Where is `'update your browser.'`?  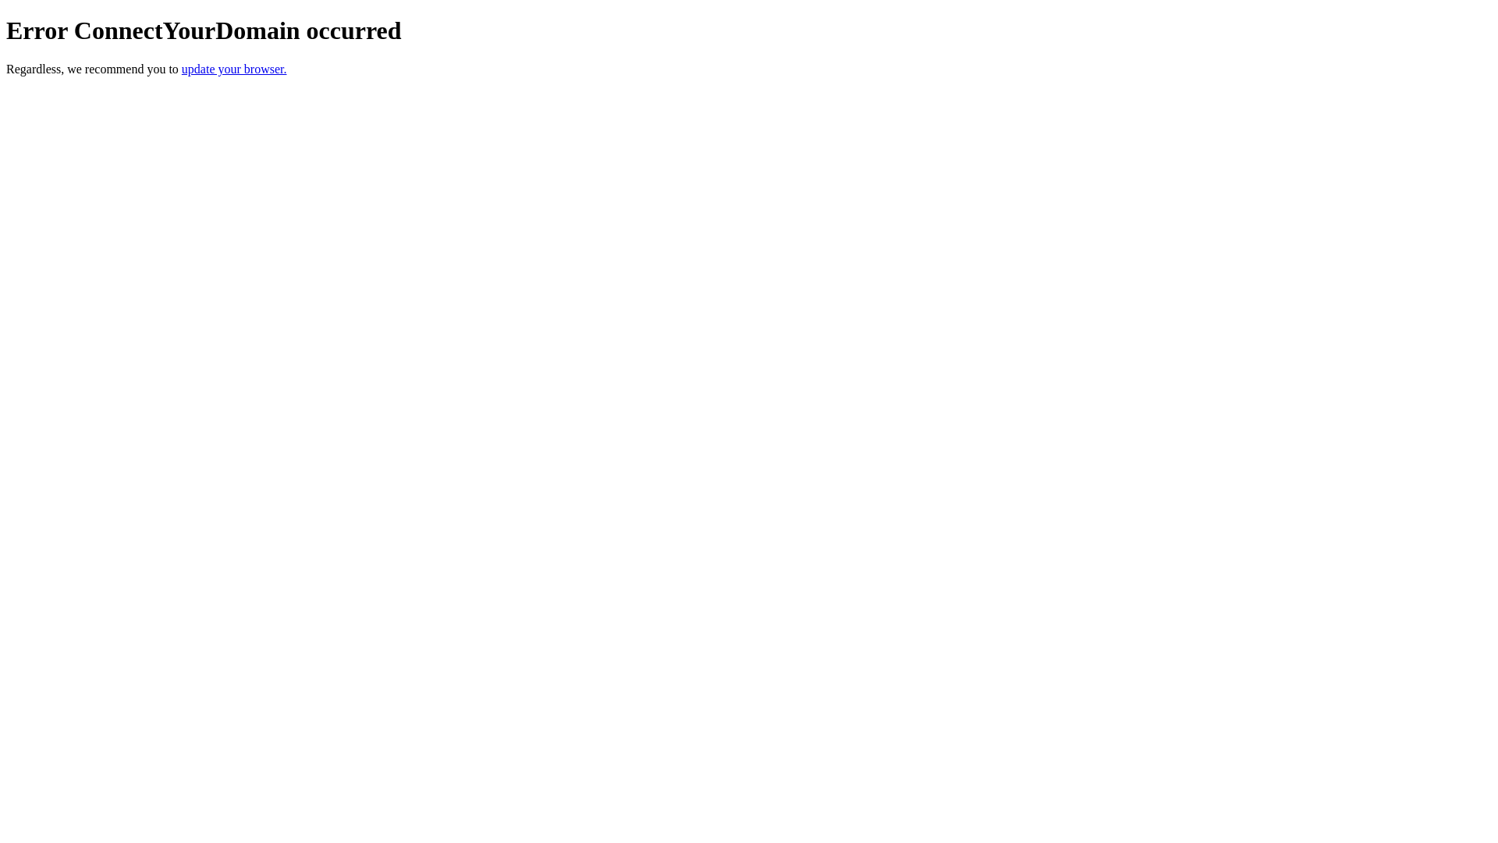
'update your browser.' is located at coordinates (182, 68).